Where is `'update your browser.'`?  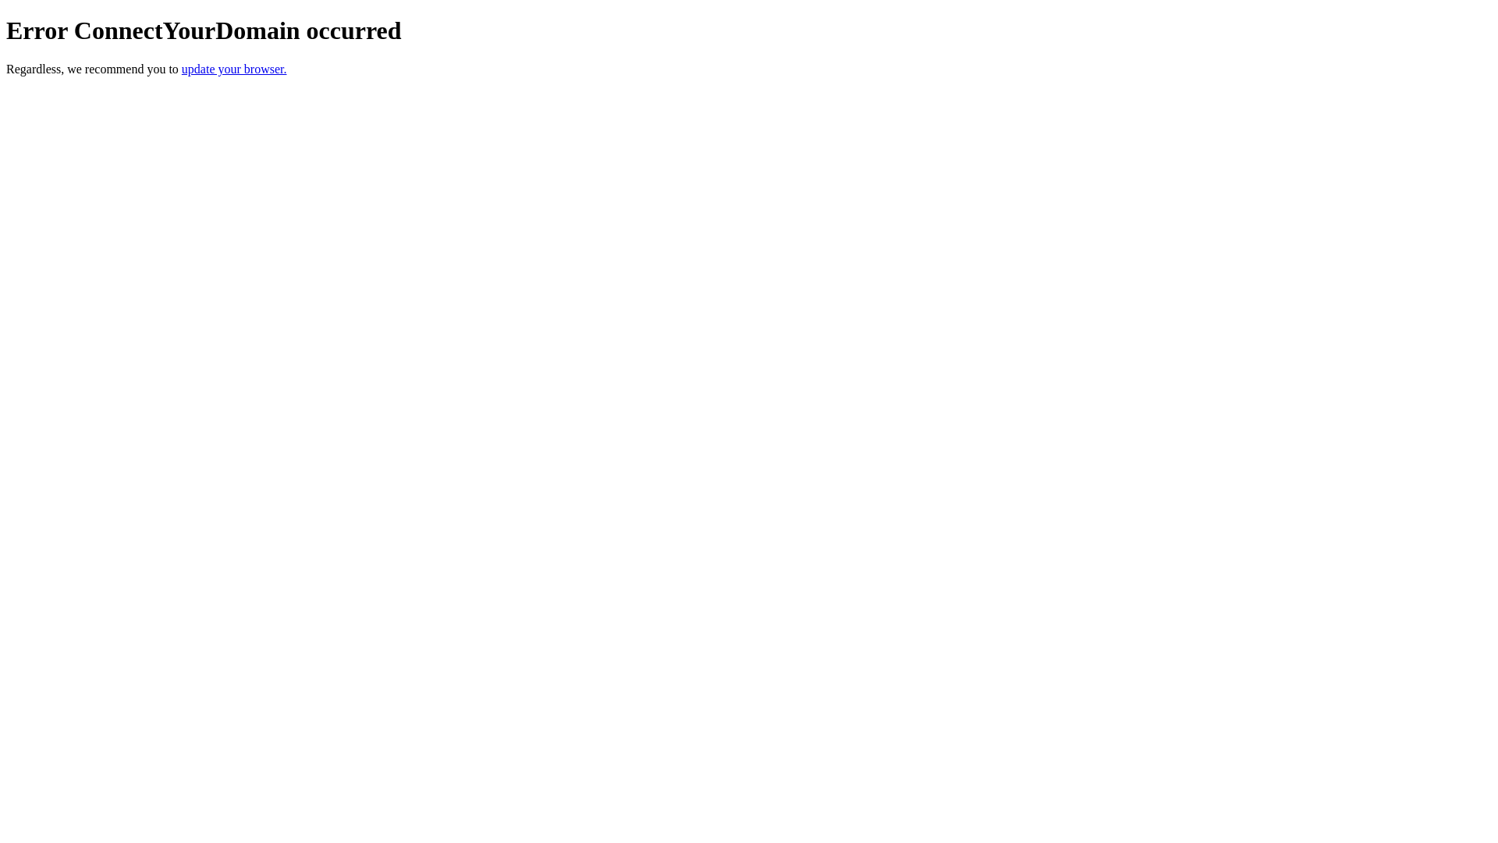
'update your browser.' is located at coordinates (182, 68).